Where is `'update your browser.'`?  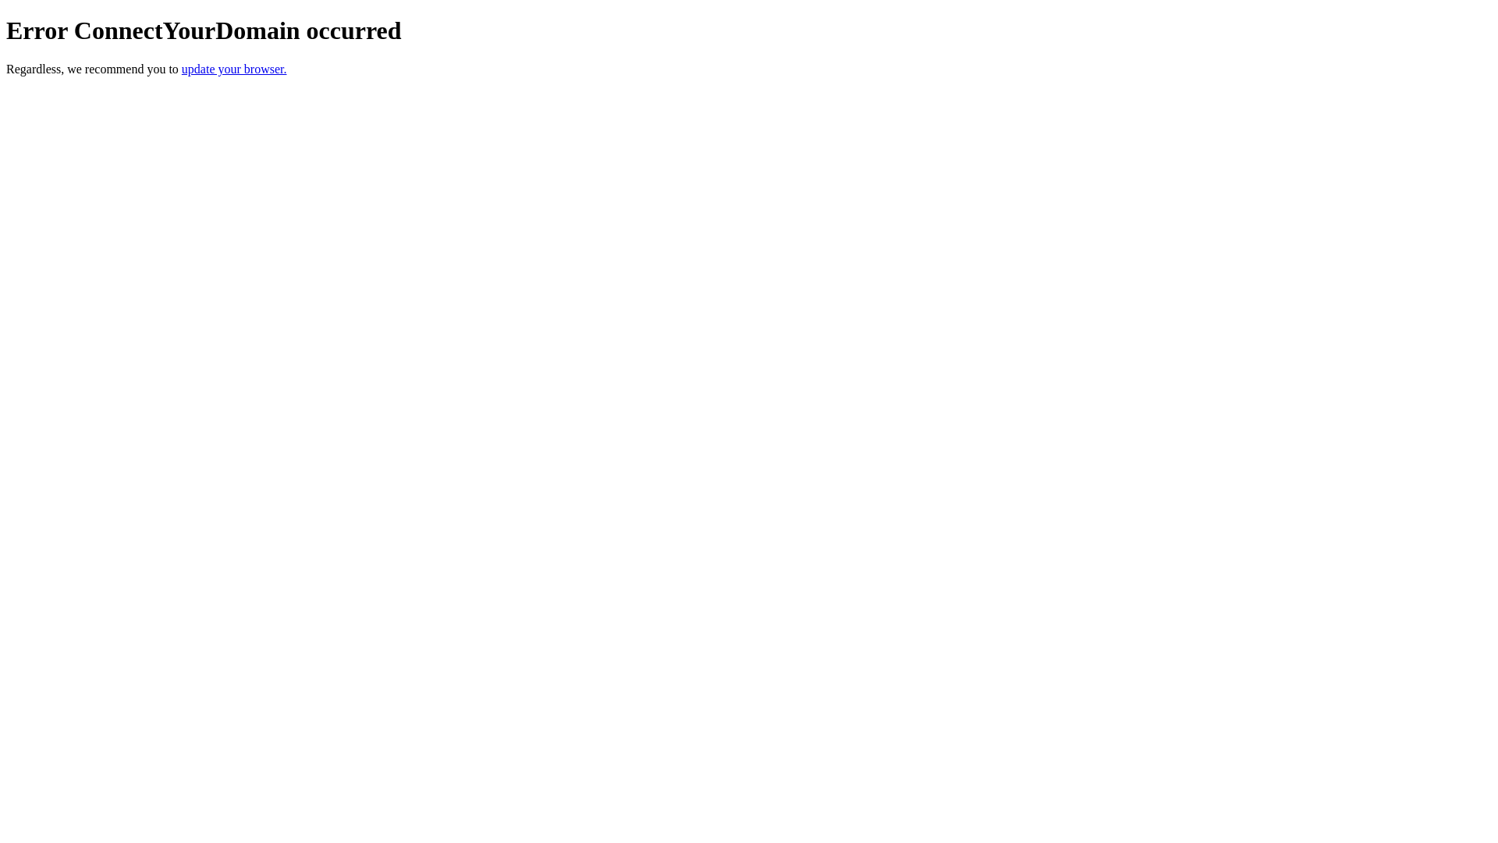
'update your browser.' is located at coordinates (182, 68).